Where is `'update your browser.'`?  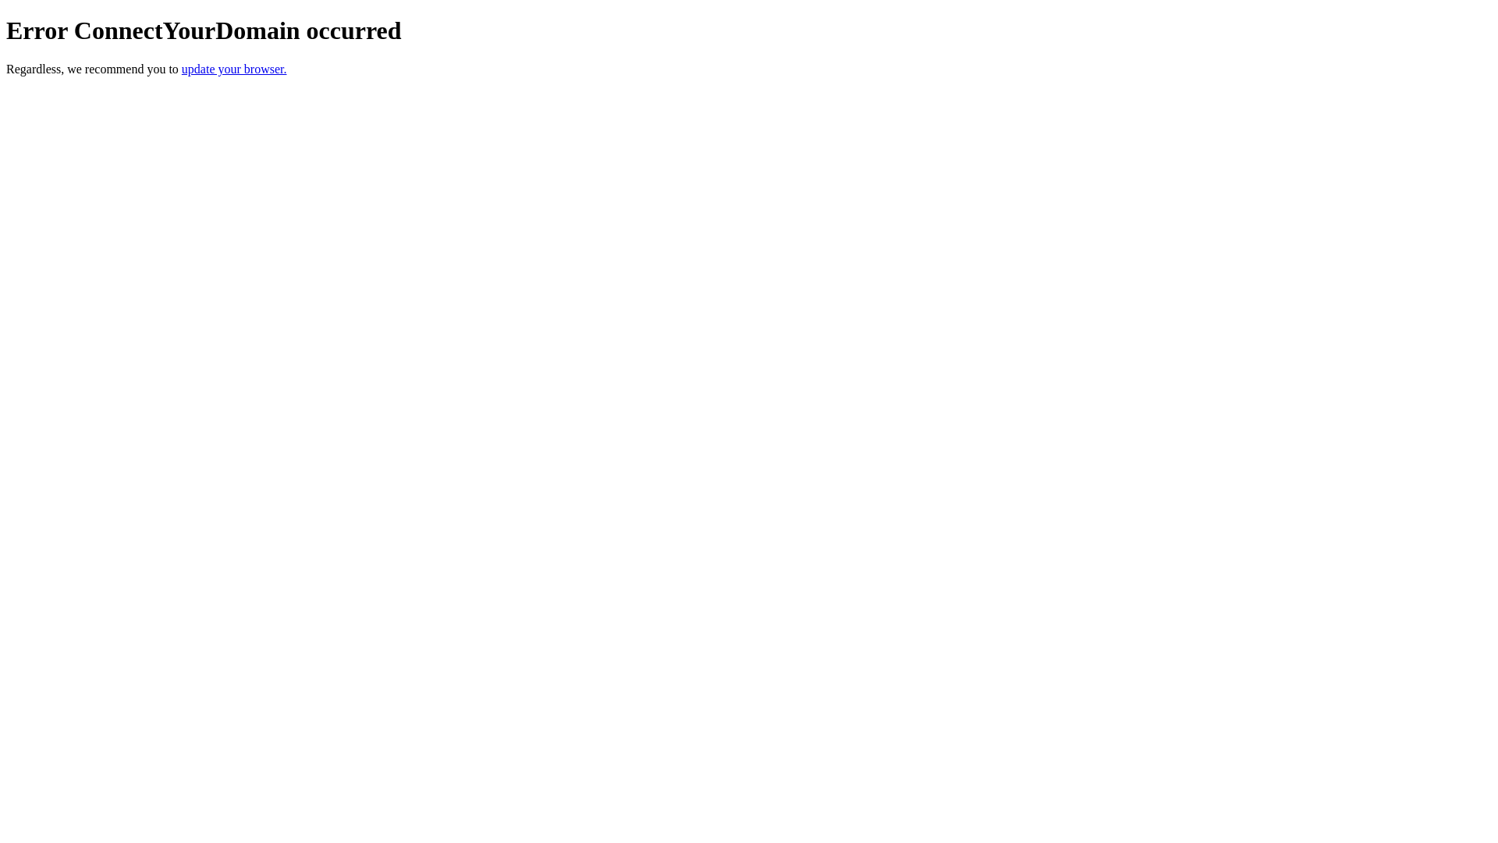
'update your browser.' is located at coordinates (182, 68).